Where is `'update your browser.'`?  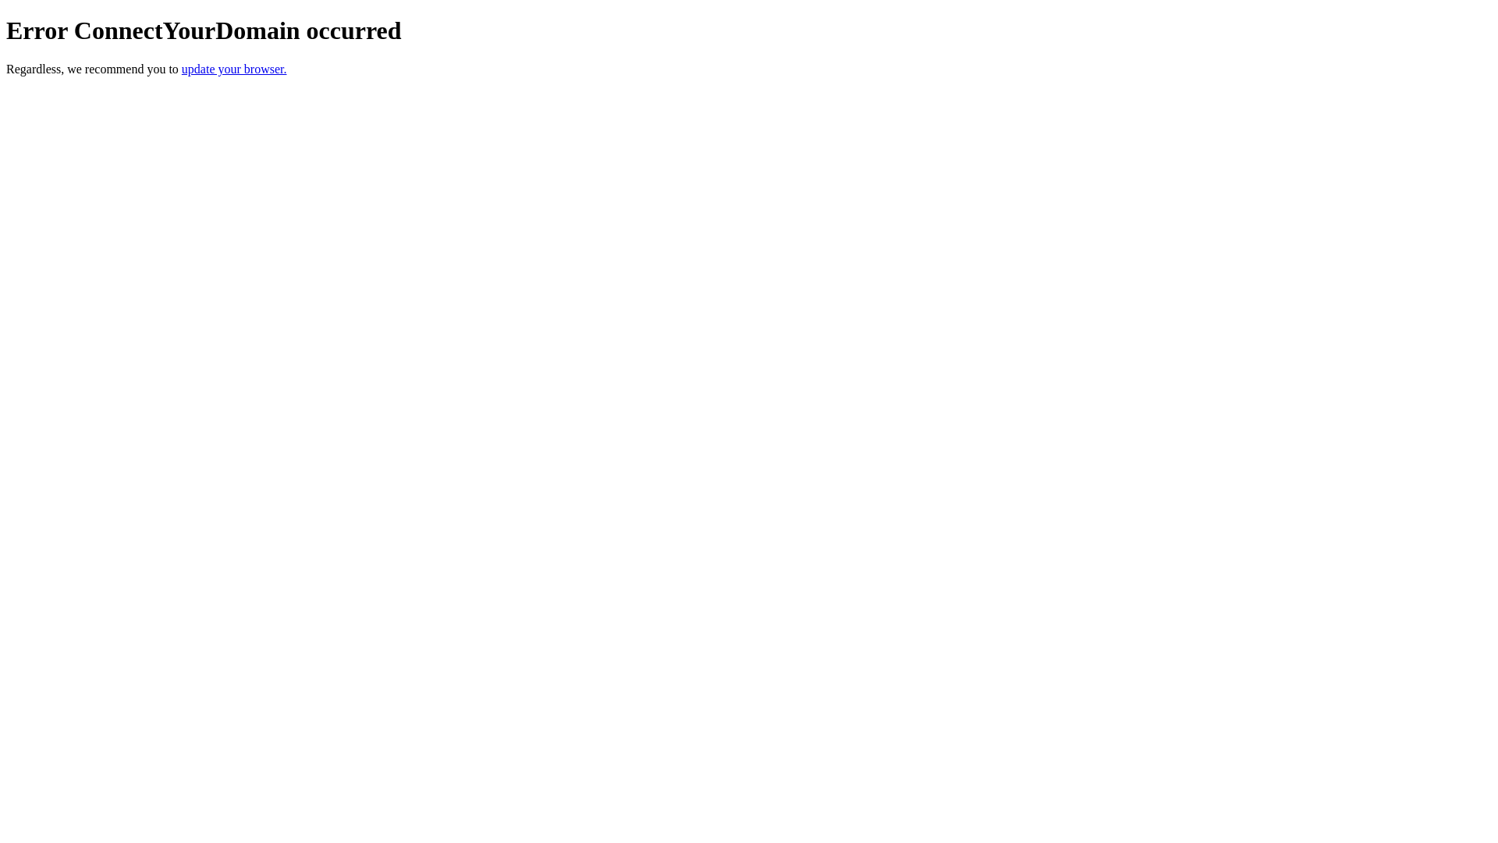
'update your browser.' is located at coordinates (182, 68).